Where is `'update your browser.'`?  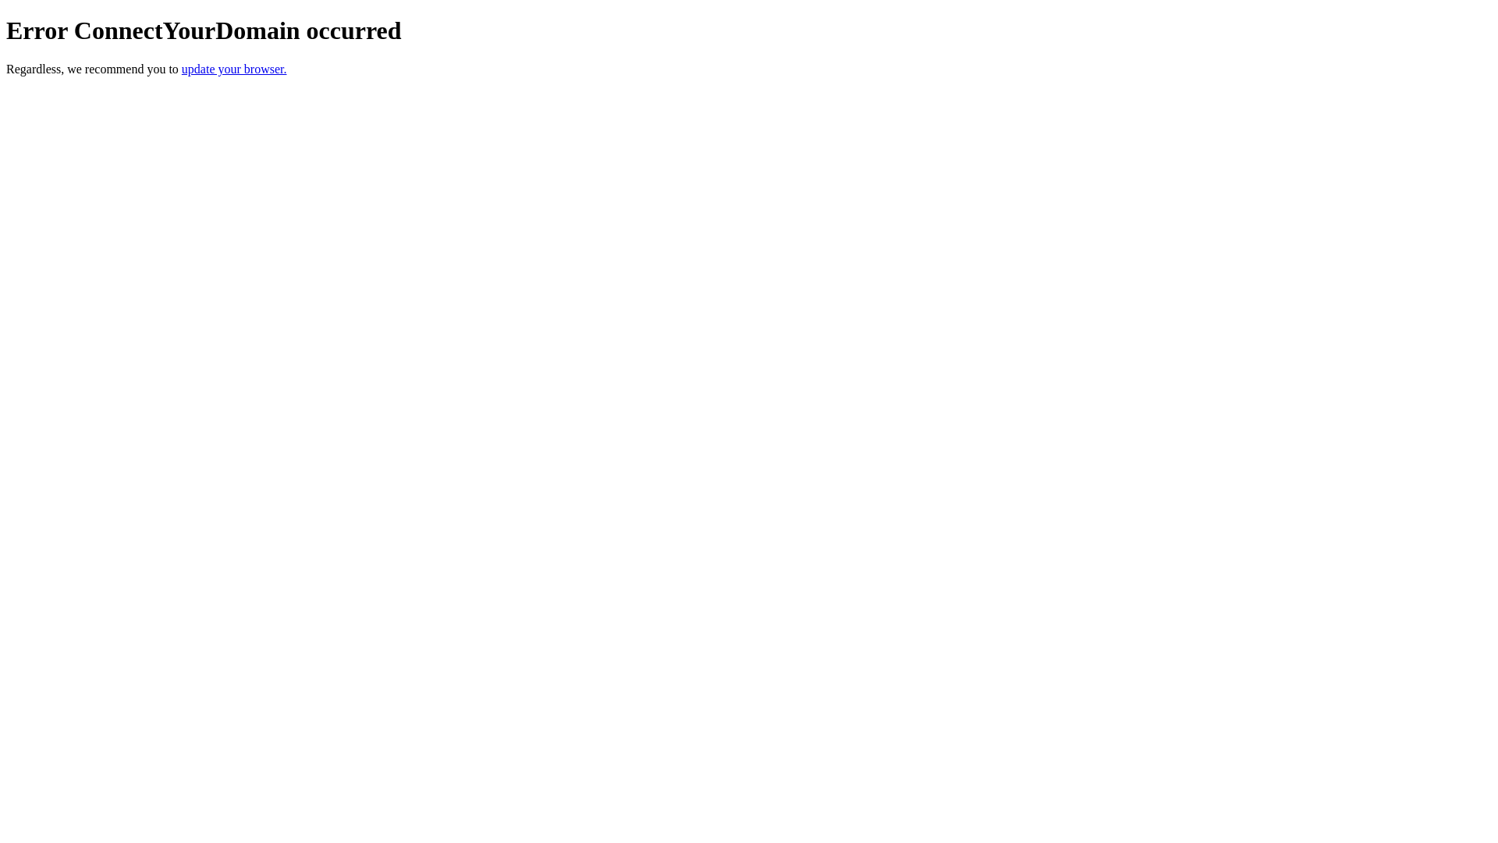
'update your browser.' is located at coordinates (182, 68).